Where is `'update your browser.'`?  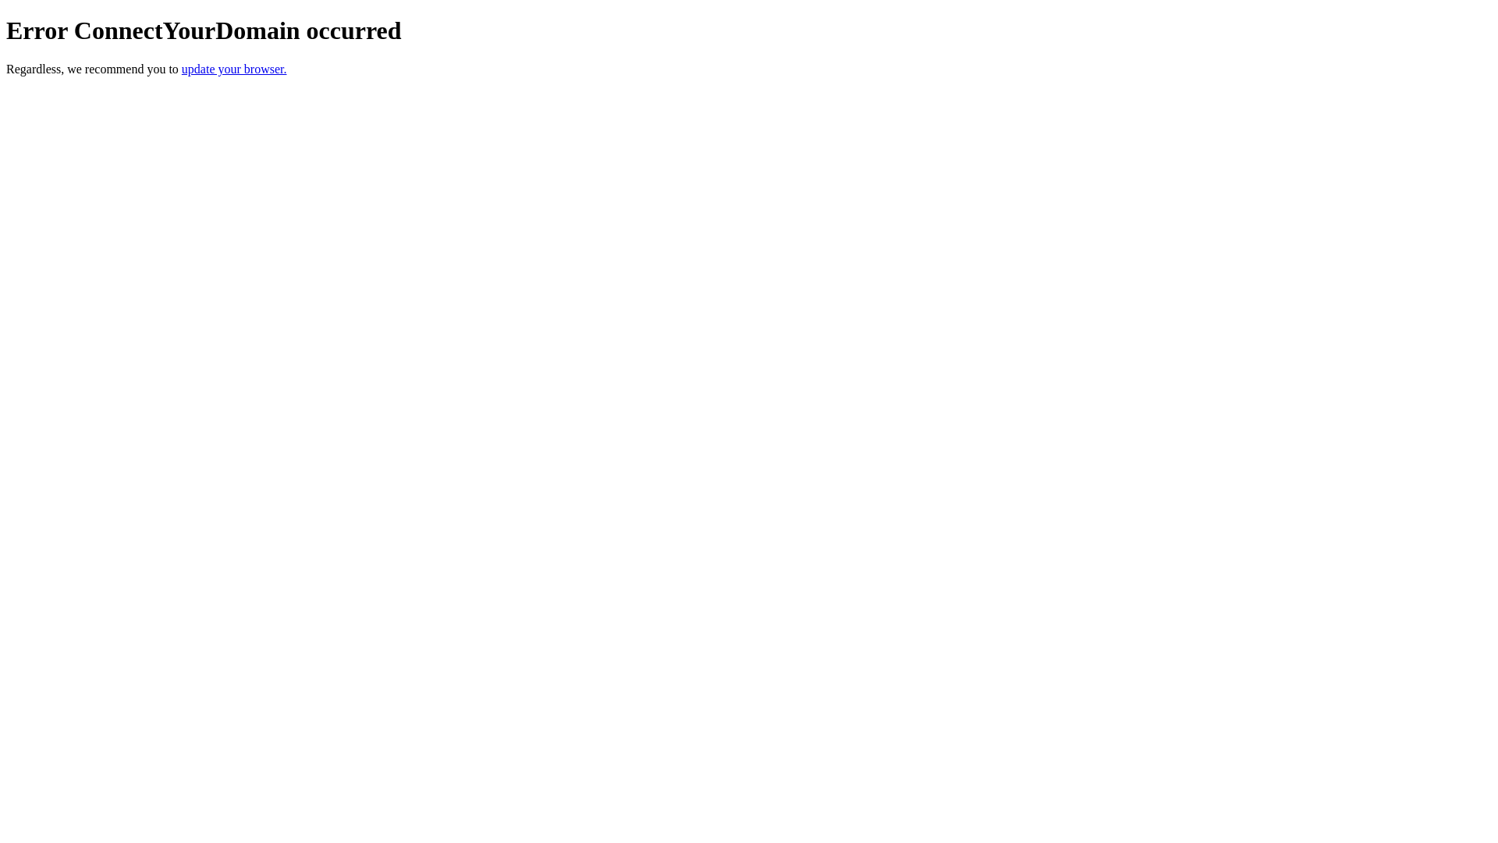
'update your browser.' is located at coordinates (182, 68).